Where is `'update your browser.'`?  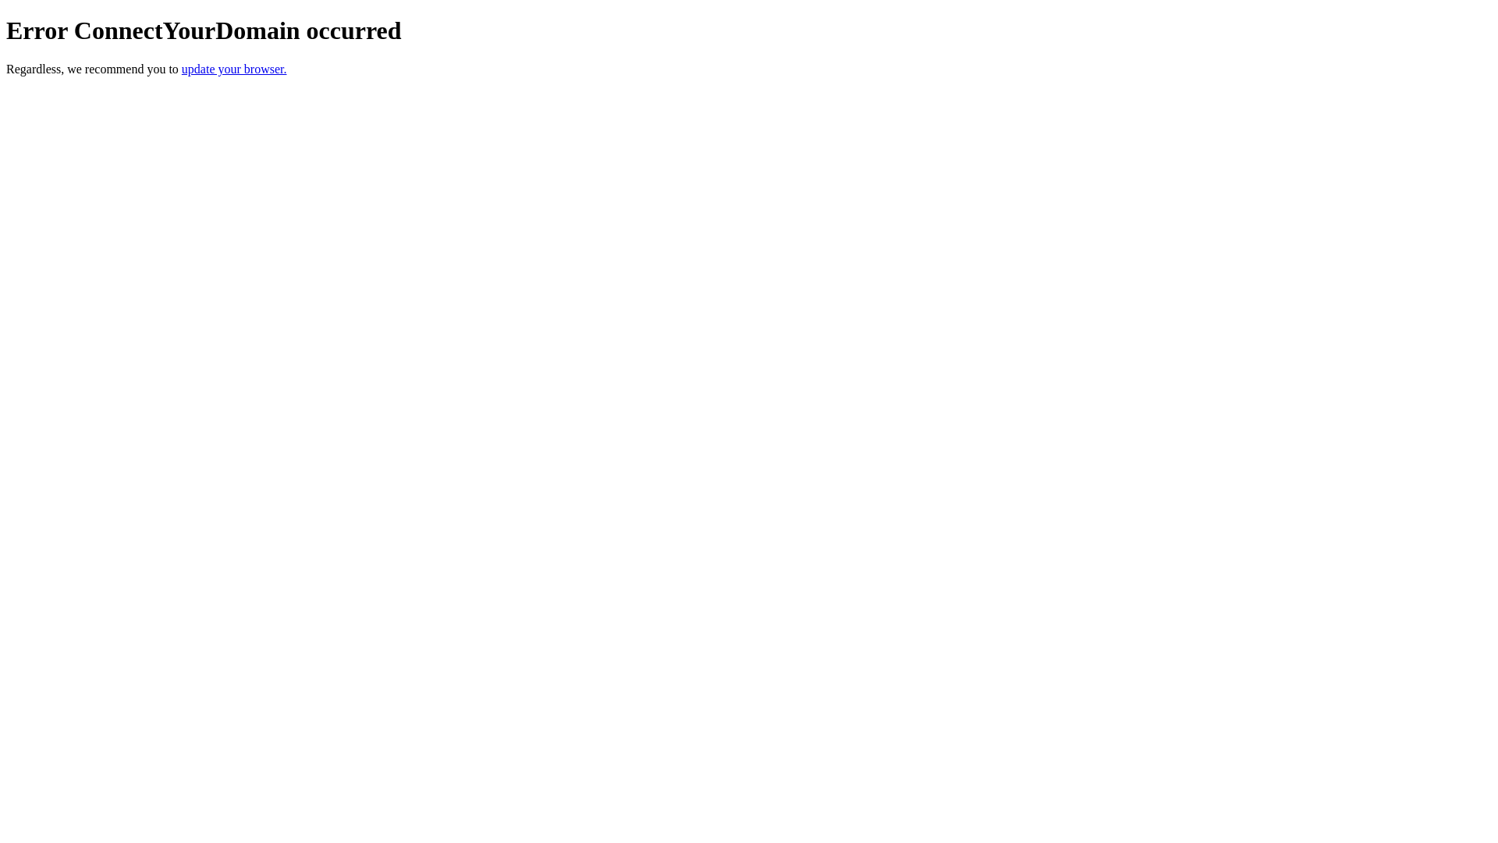
'update your browser.' is located at coordinates (182, 68).